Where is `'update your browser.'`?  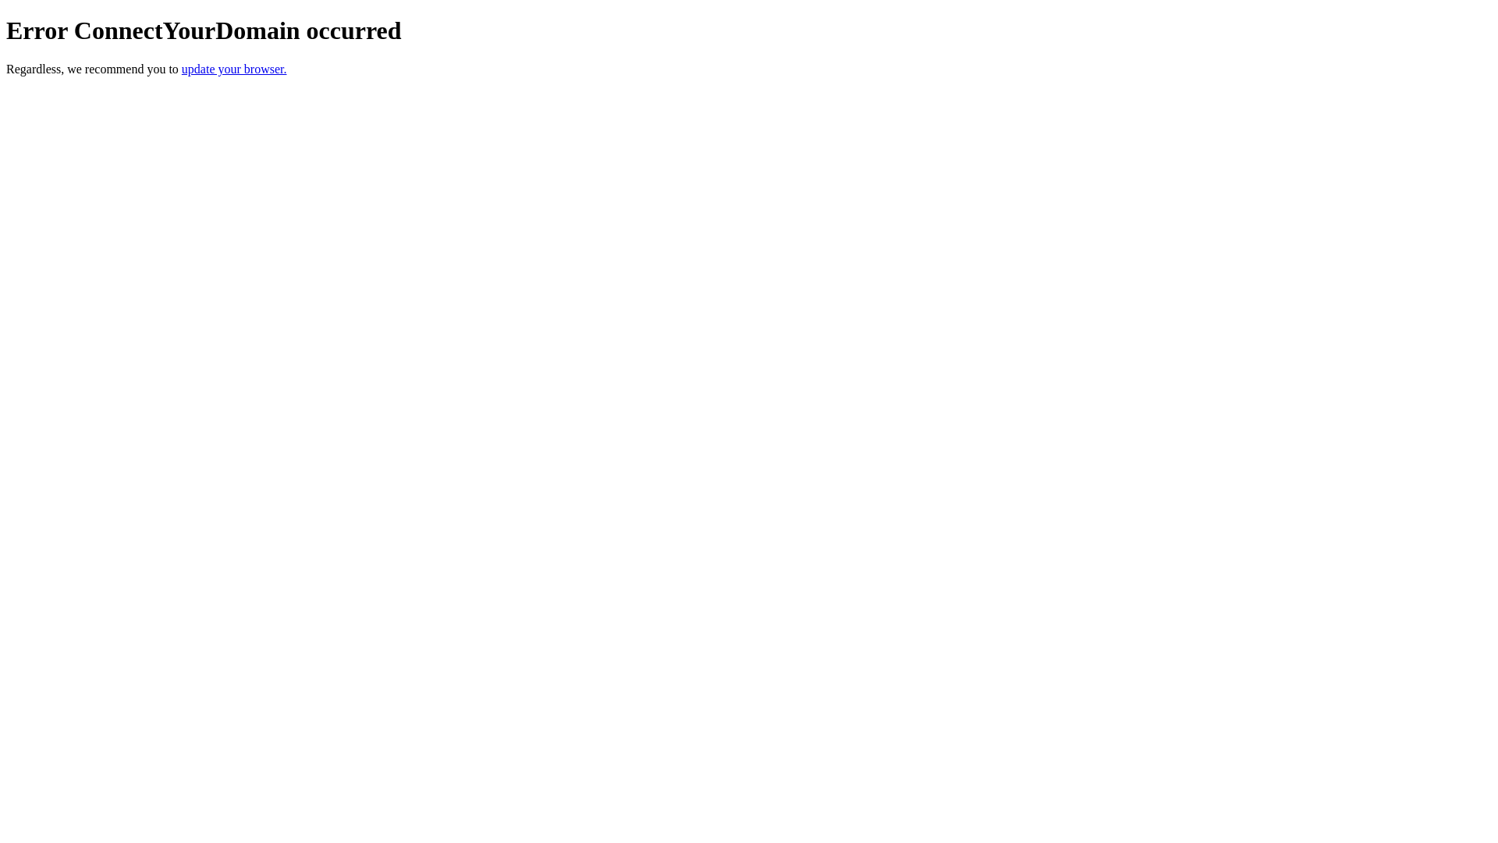
'update your browser.' is located at coordinates (182, 68).